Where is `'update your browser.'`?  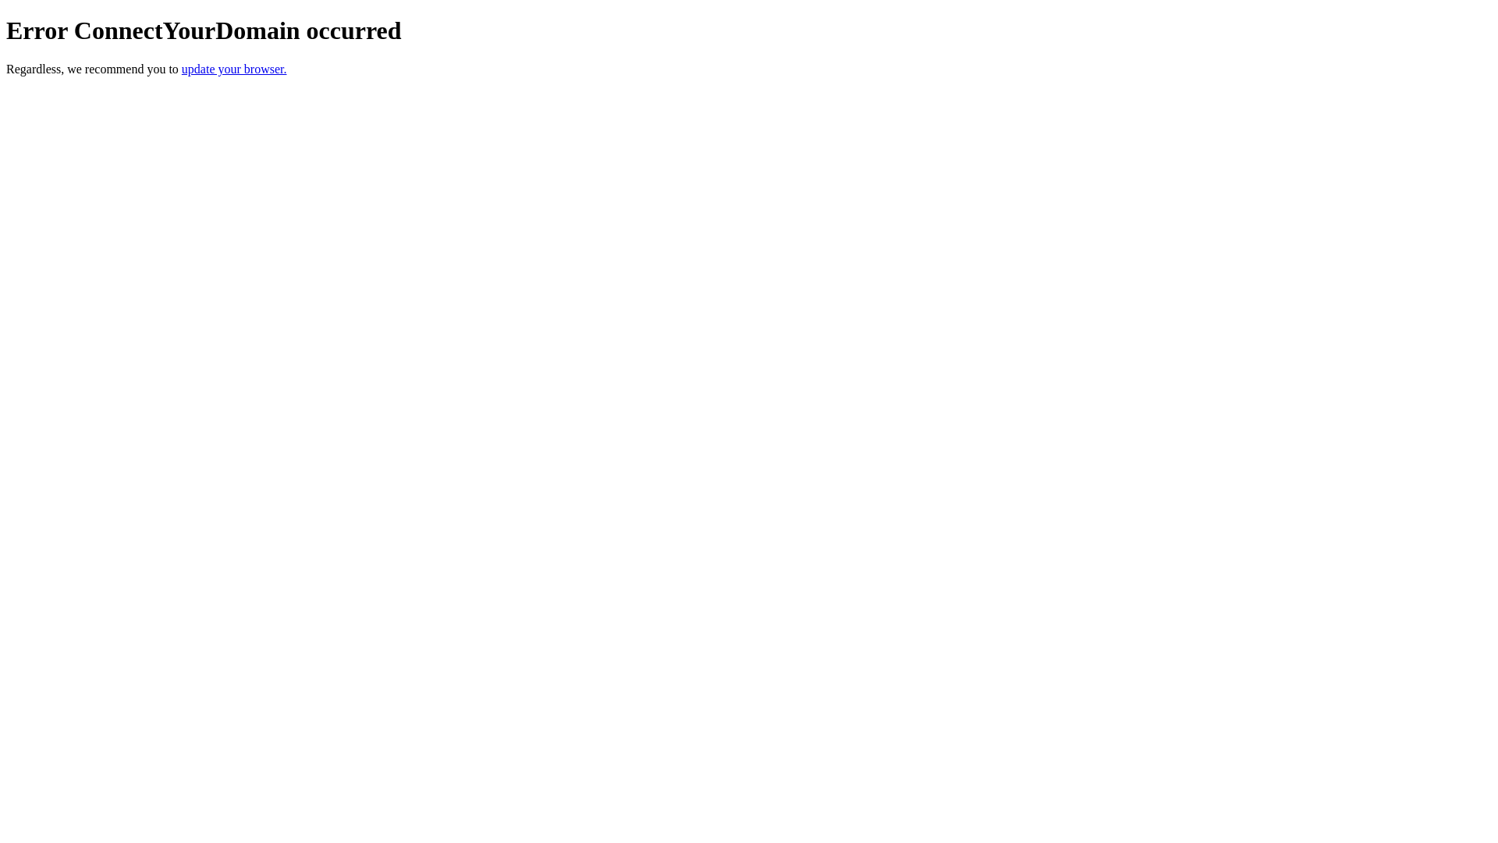
'update your browser.' is located at coordinates (182, 68).